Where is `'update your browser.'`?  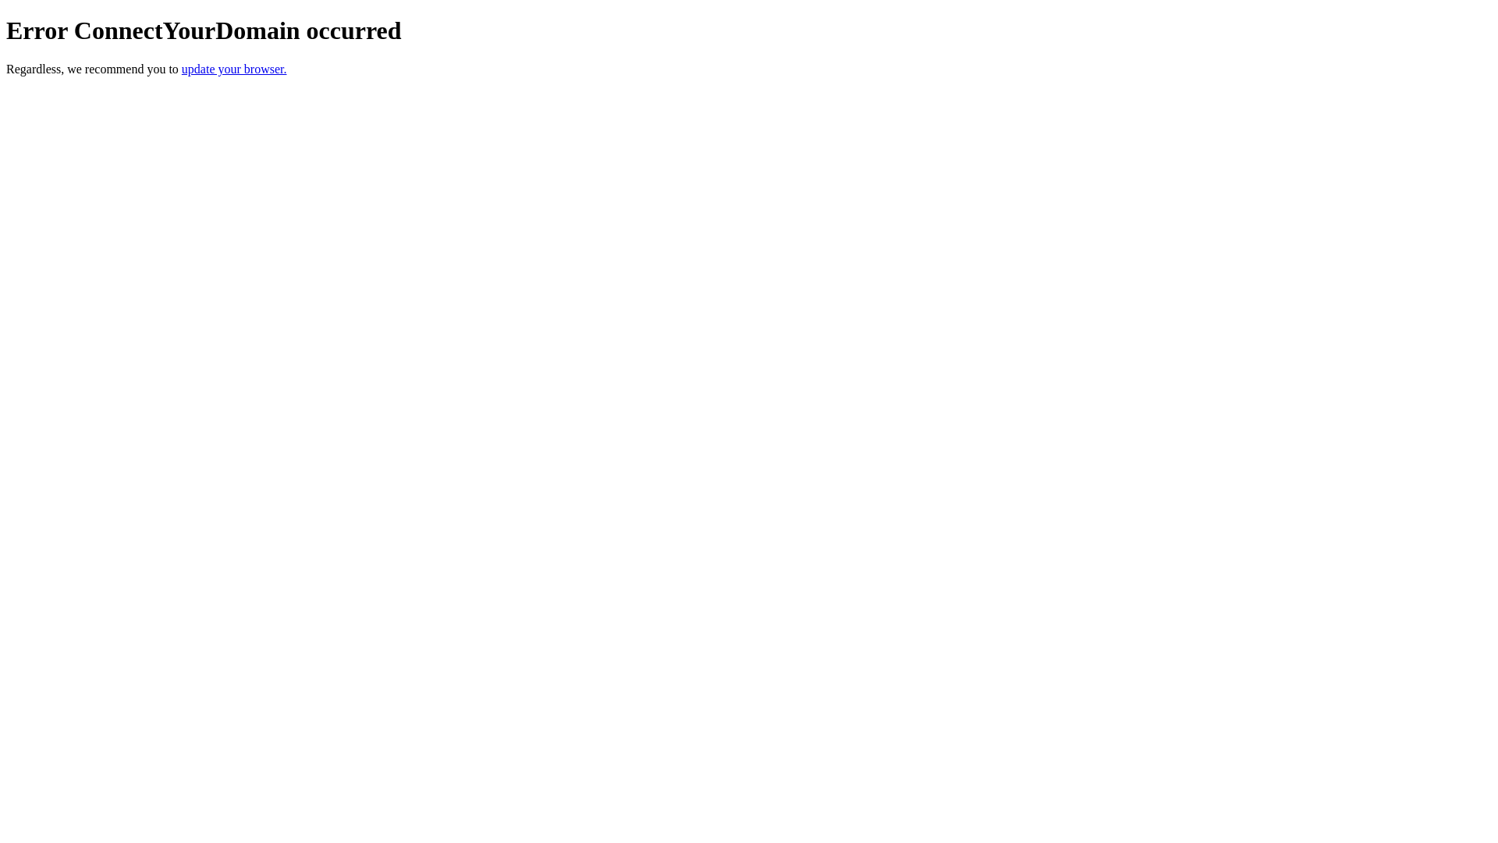
'update your browser.' is located at coordinates (182, 68).